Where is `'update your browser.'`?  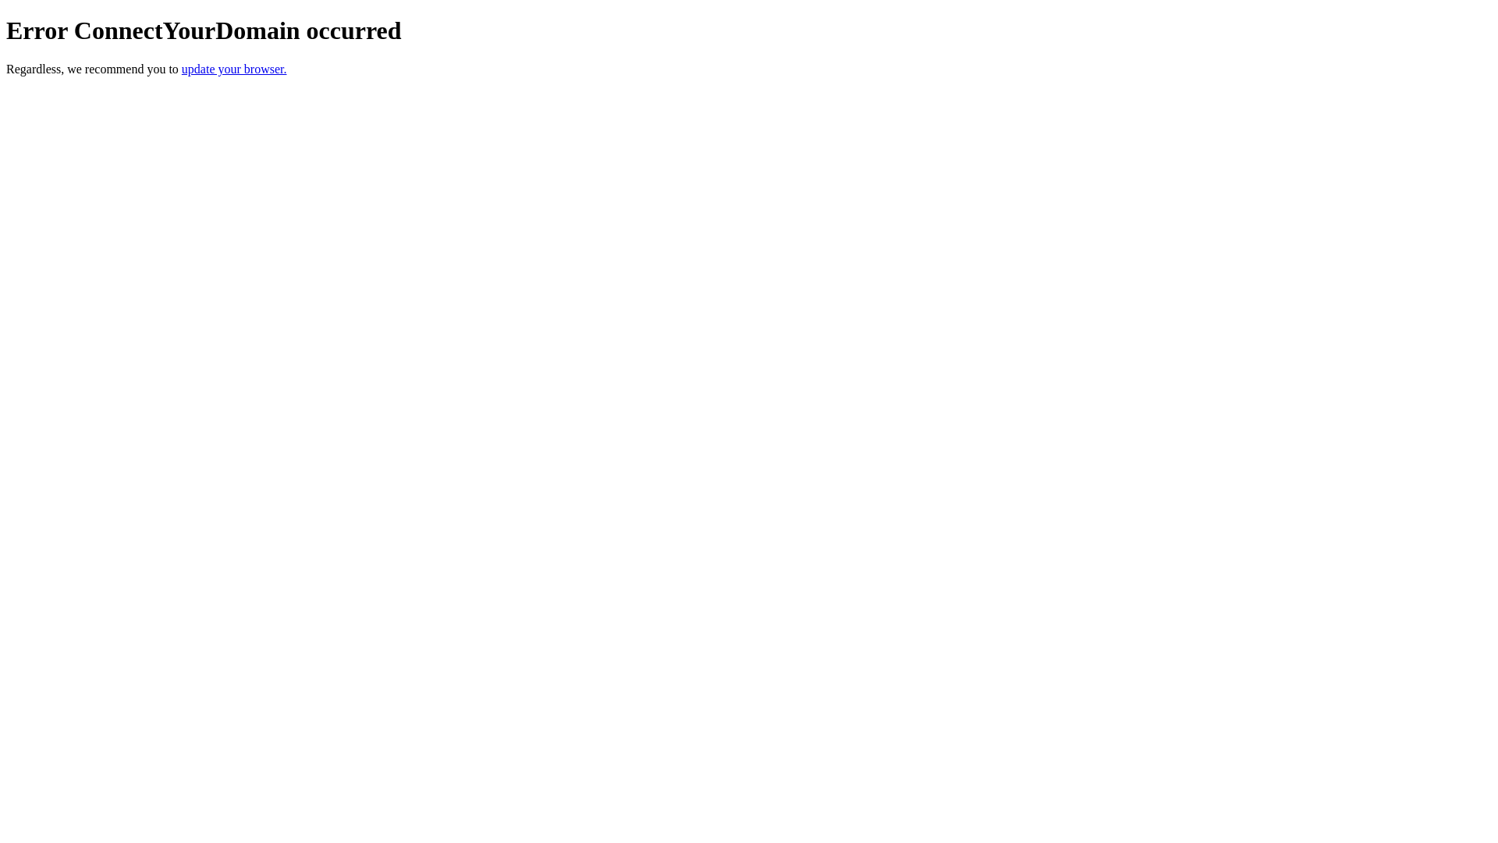
'update your browser.' is located at coordinates (182, 68).